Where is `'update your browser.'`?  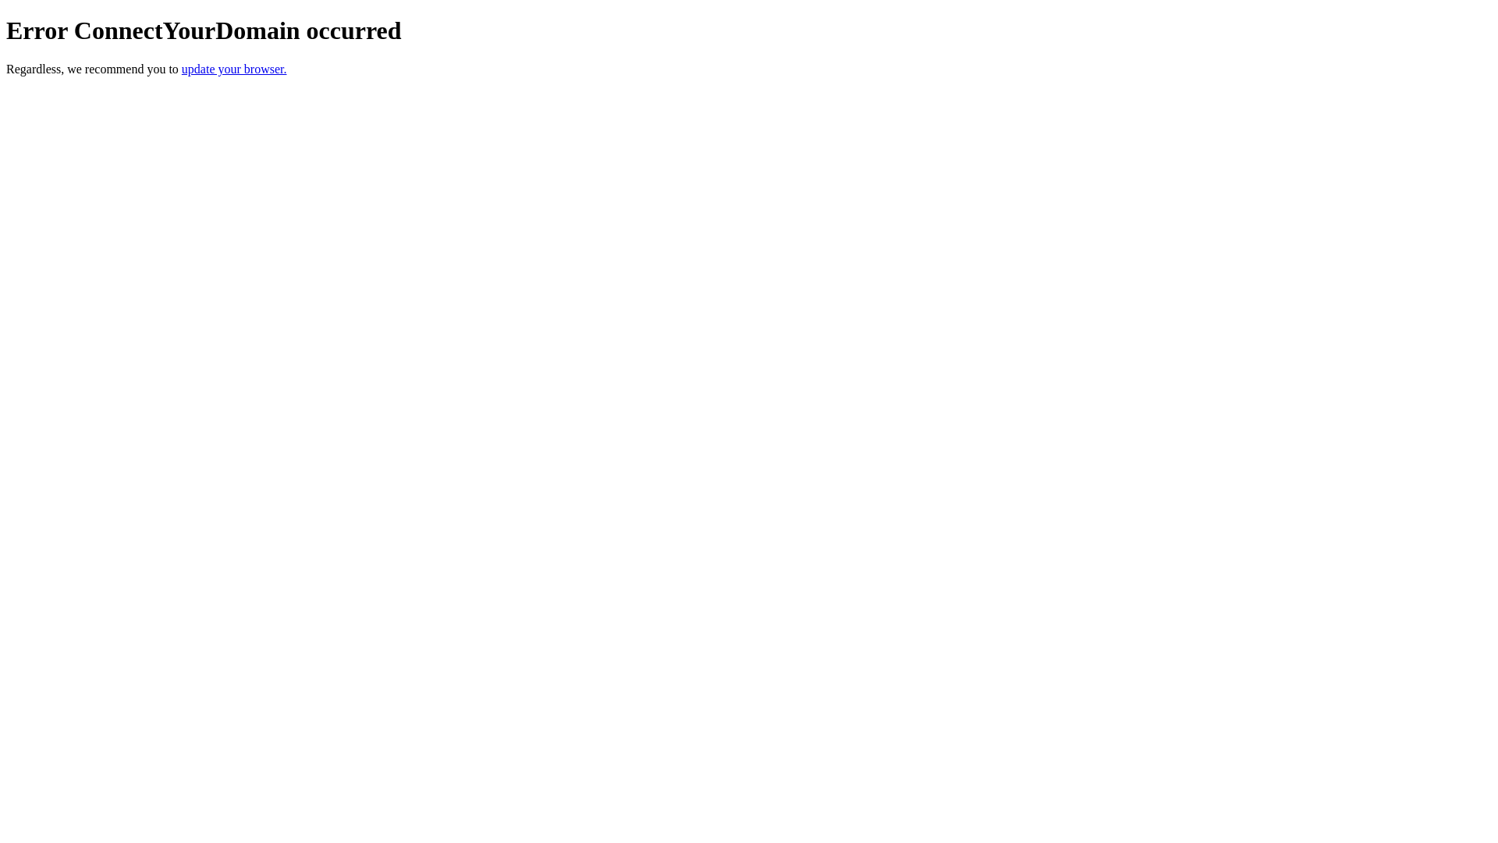
'update your browser.' is located at coordinates (182, 68).